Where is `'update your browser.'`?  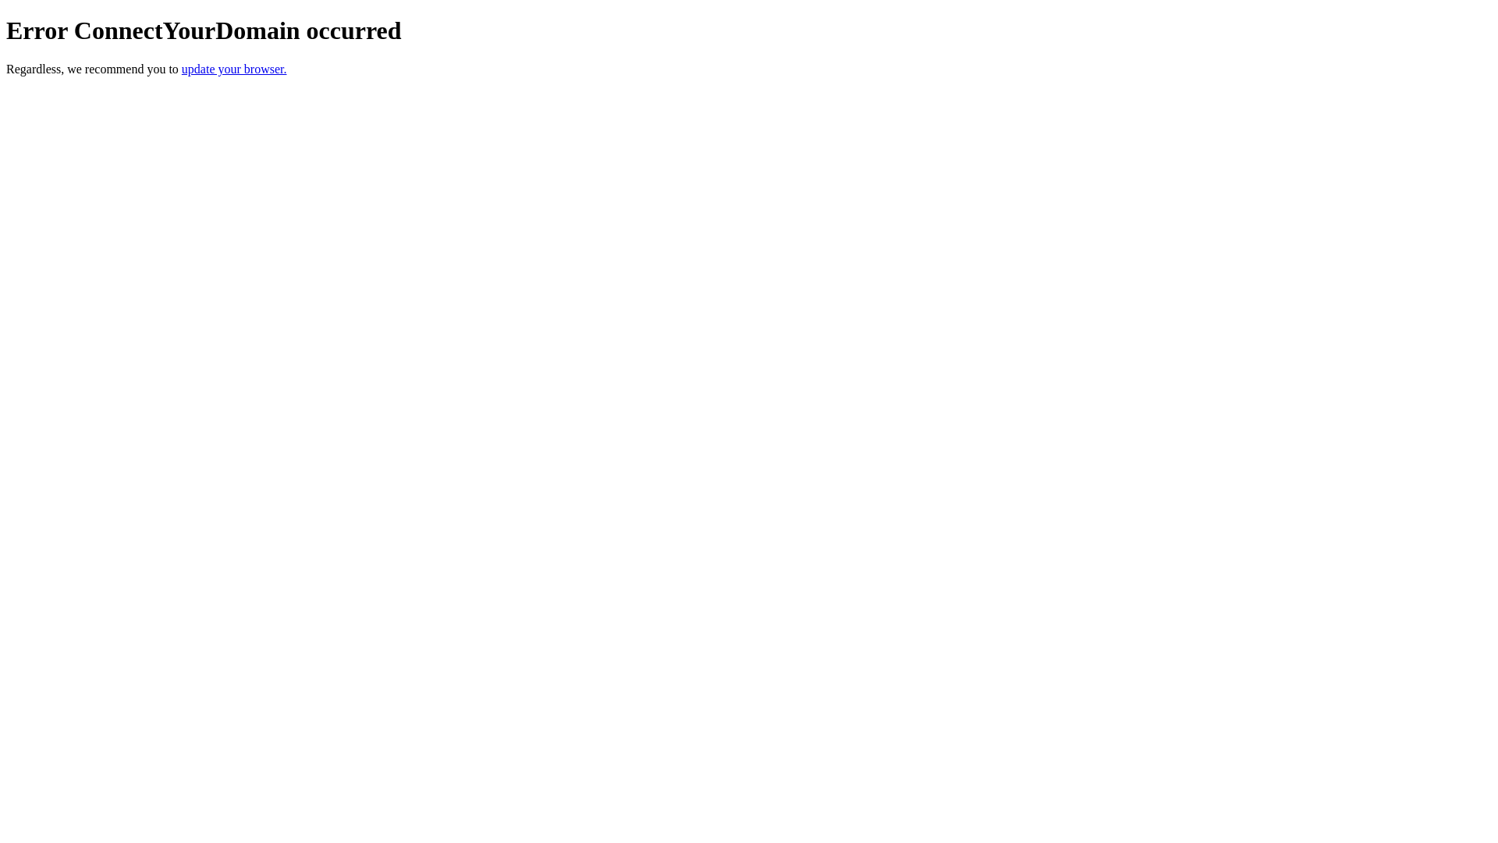
'update your browser.' is located at coordinates (182, 68).